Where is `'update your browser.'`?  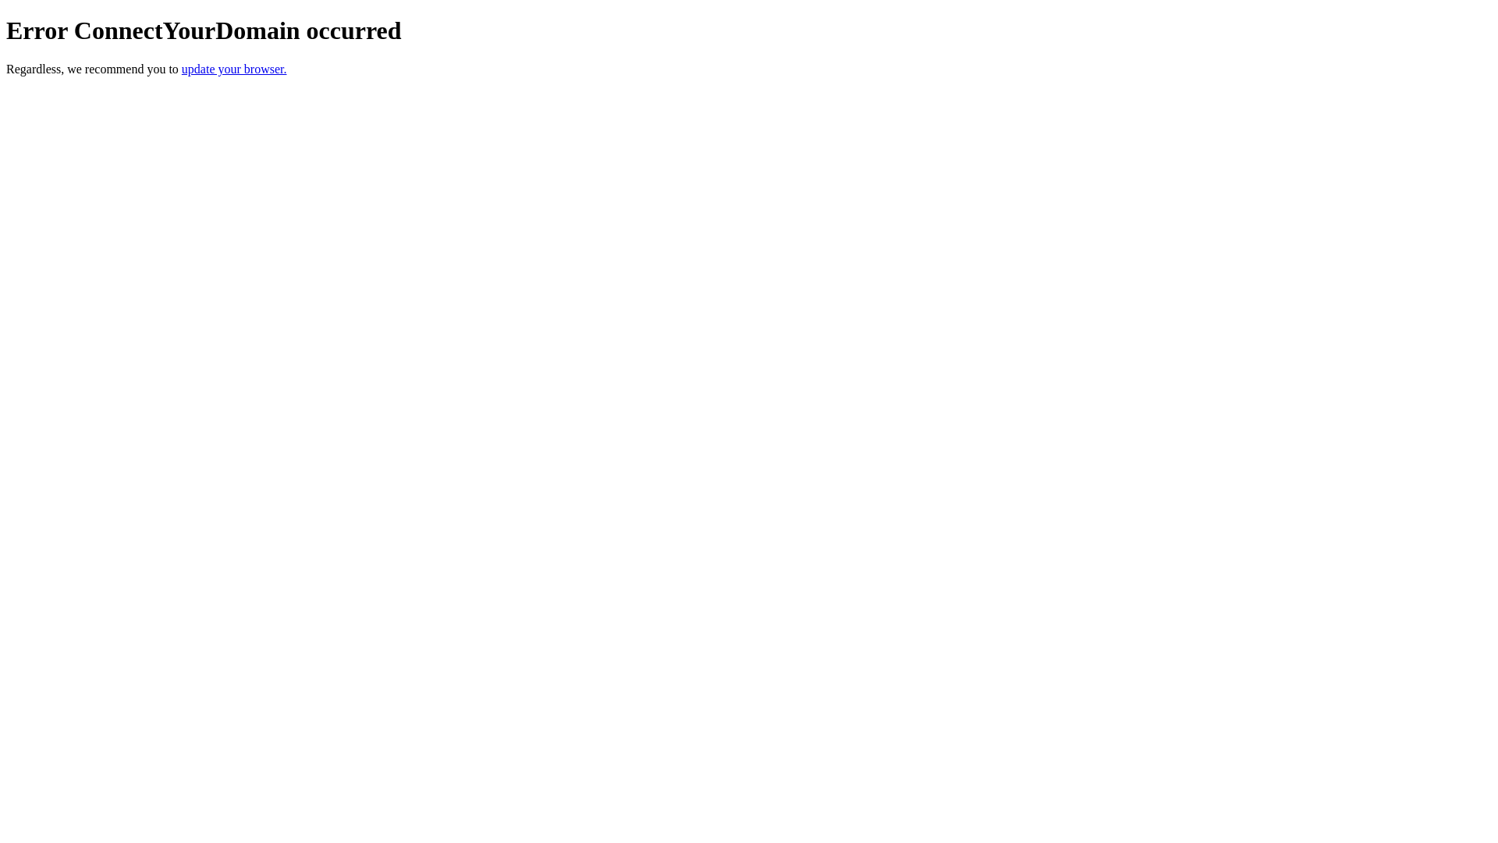
'update your browser.' is located at coordinates (182, 68).